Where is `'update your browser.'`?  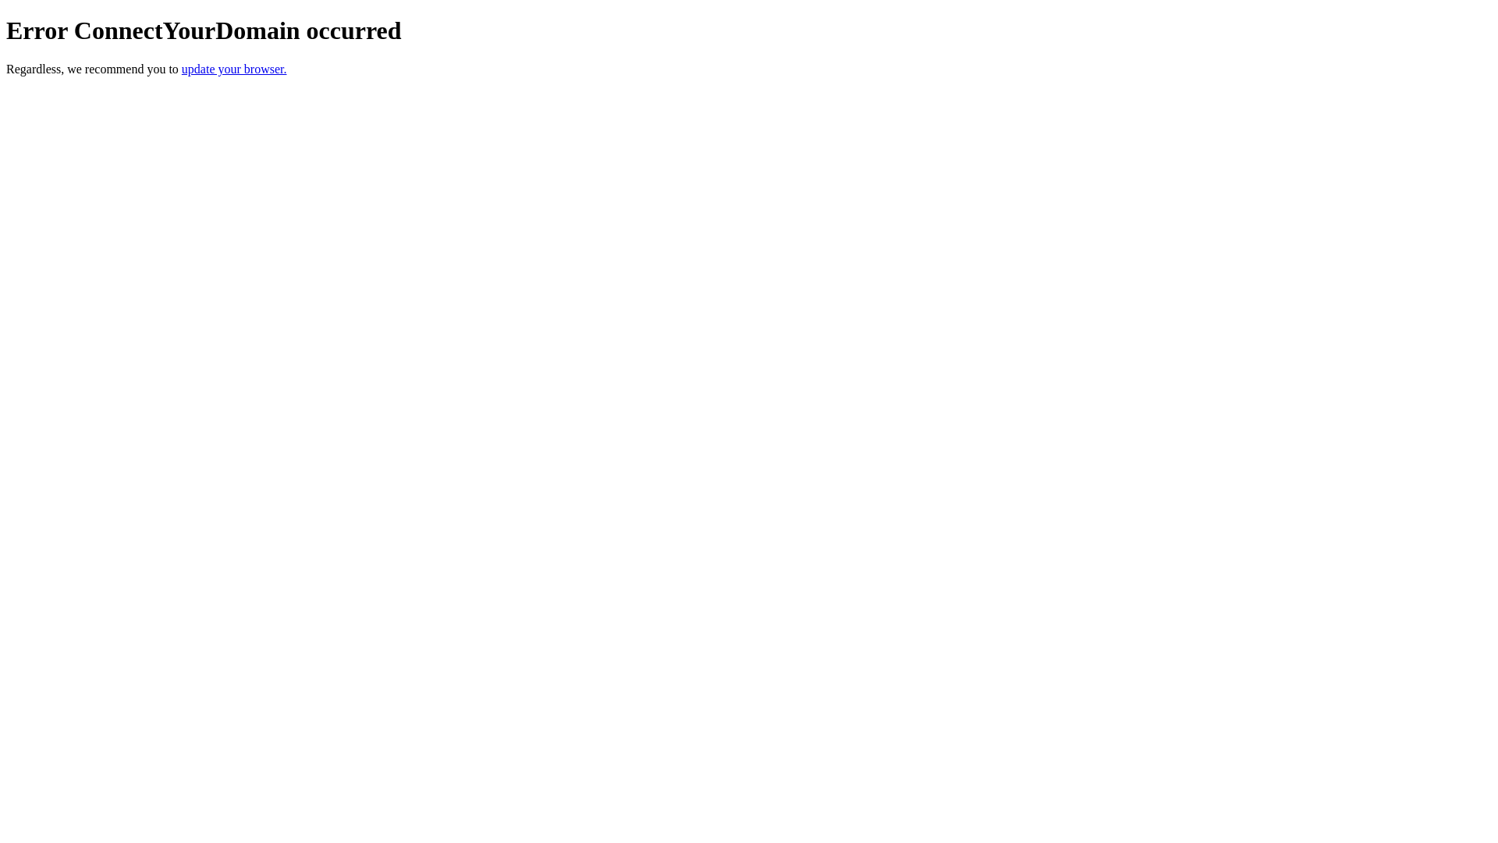
'update your browser.' is located at coordinates (182, 68).